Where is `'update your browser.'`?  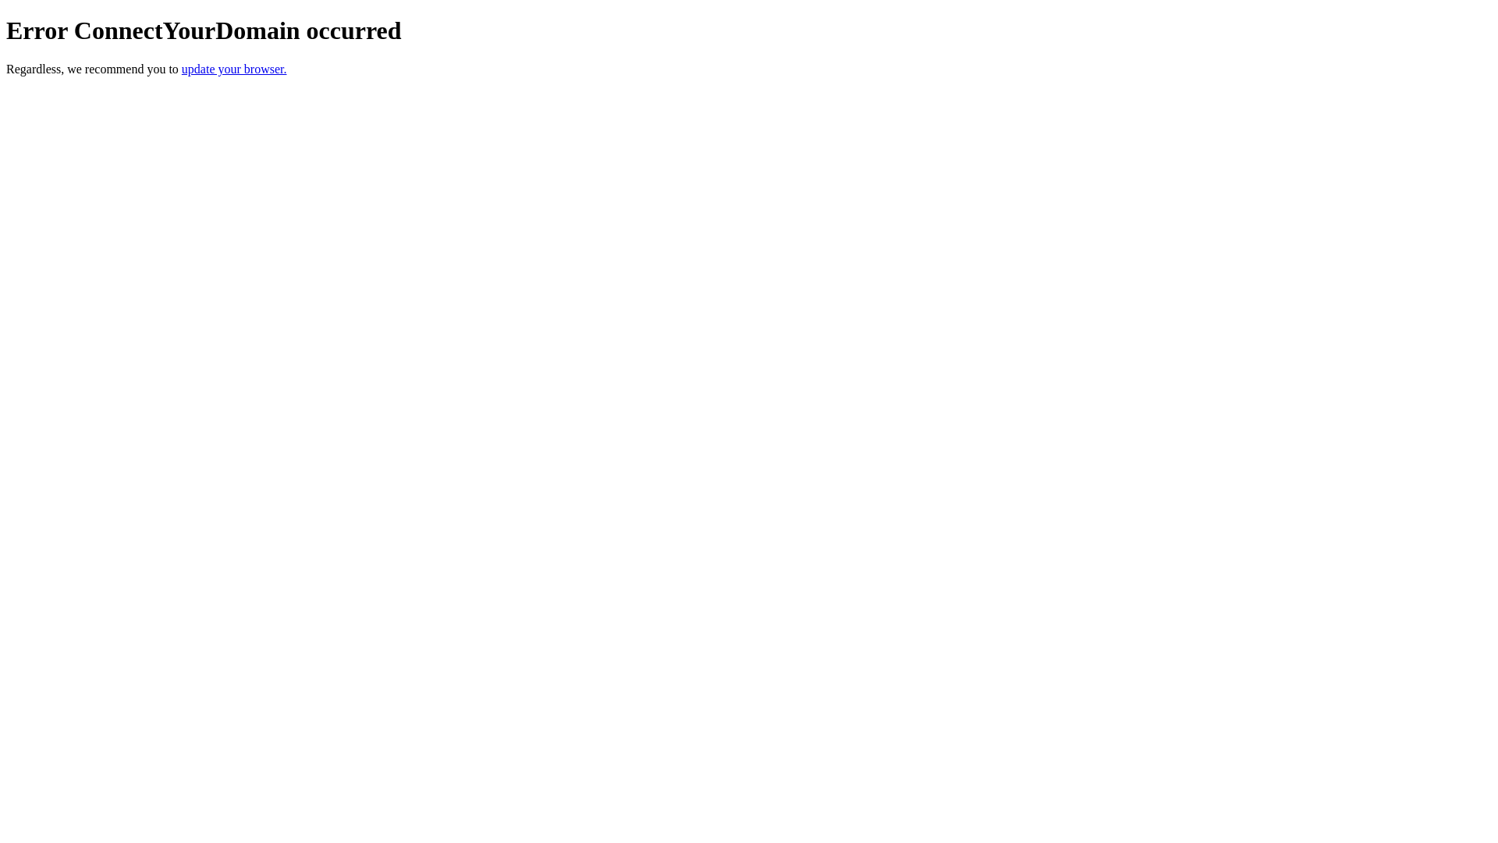
'update your browser.' is located at coordinates (182, 68).